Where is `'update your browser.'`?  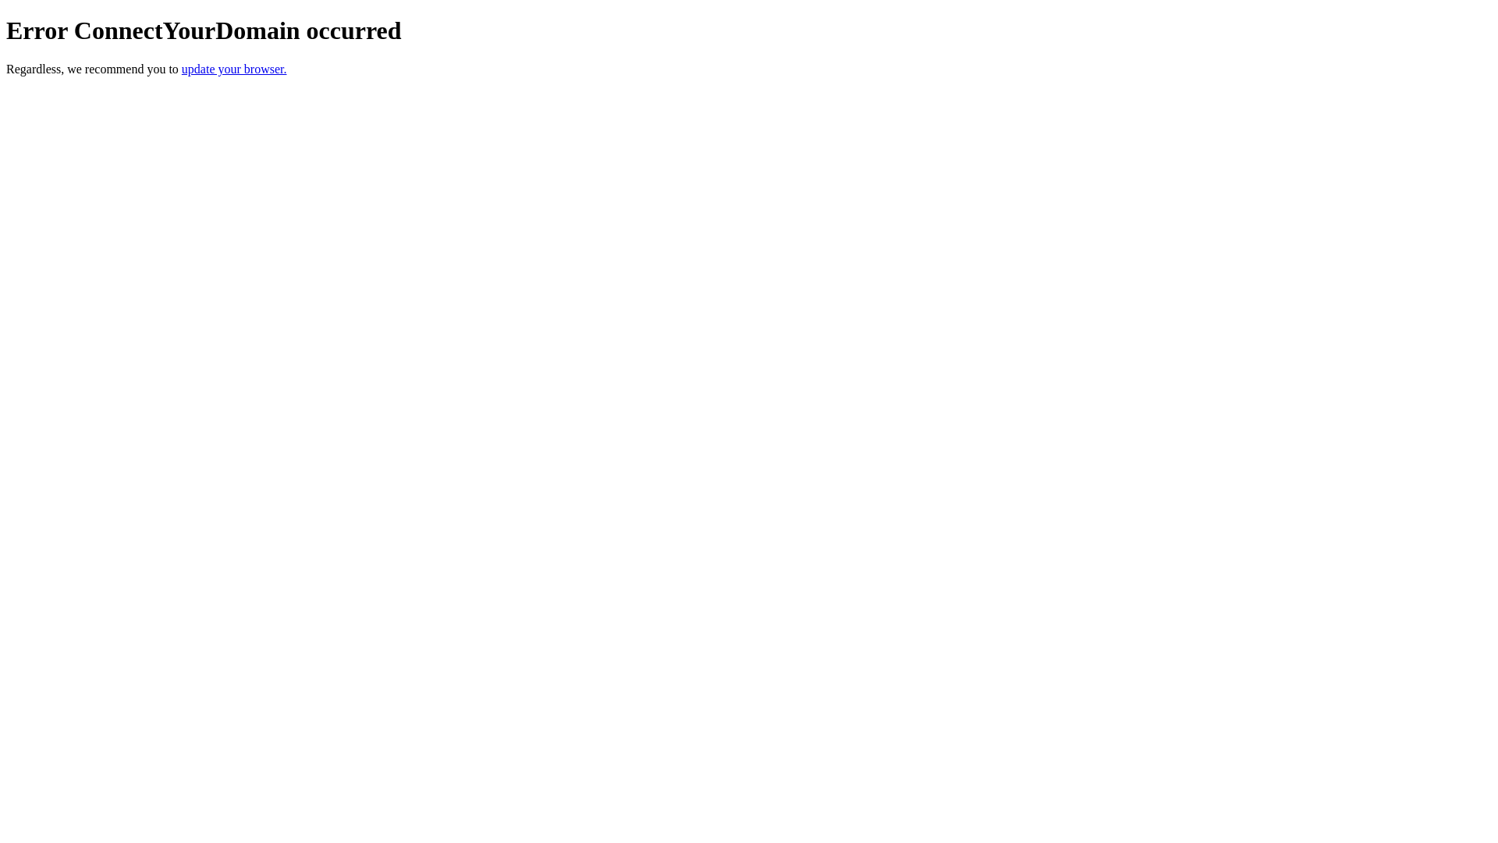
'update your browser.' is located at coordinates (182, 68).